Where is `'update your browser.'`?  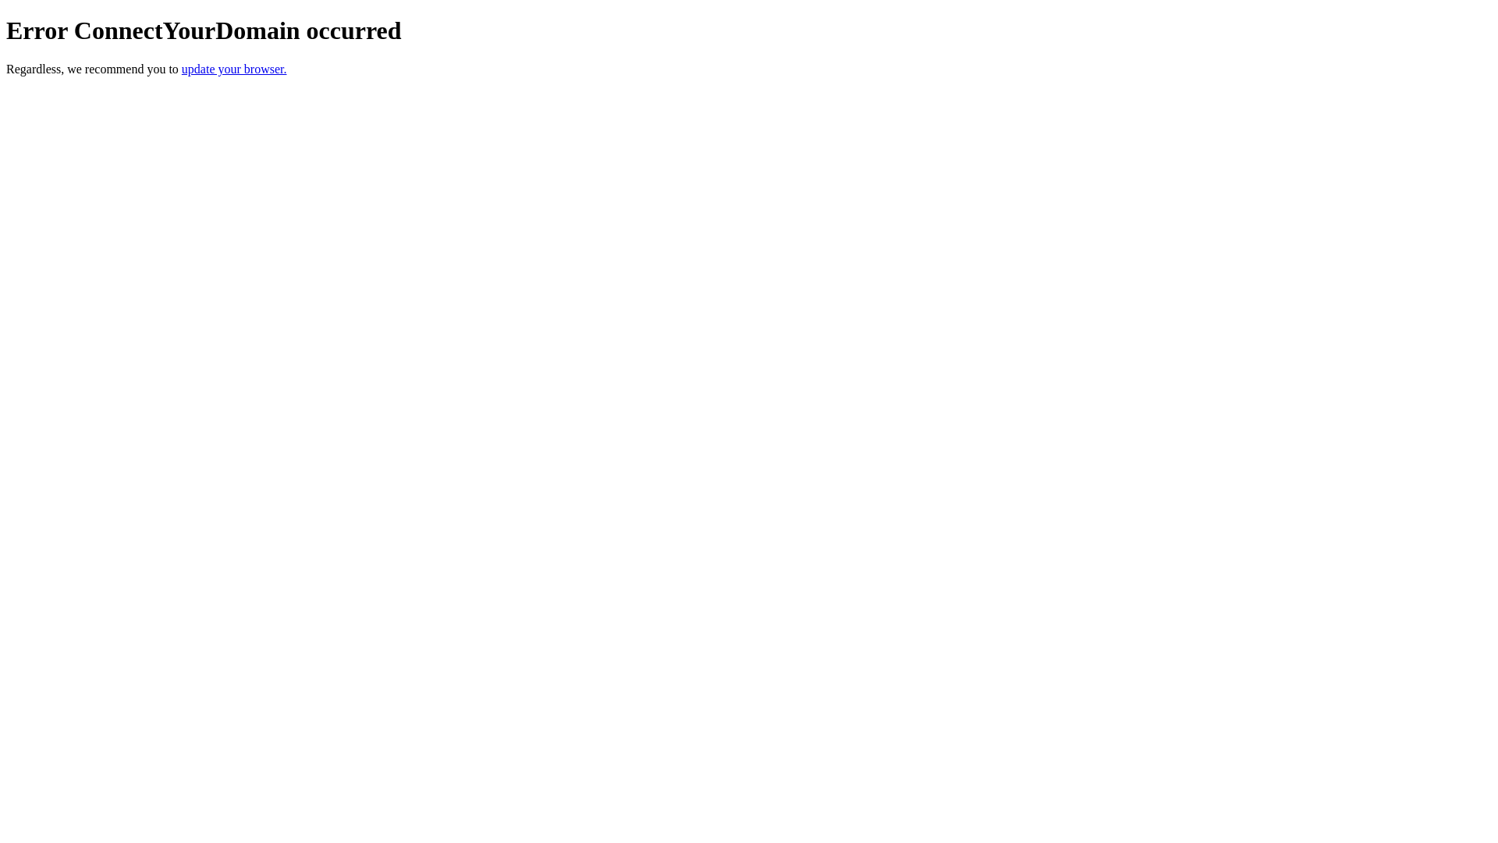
'update your browser.' is located at coordinates (182, 68).